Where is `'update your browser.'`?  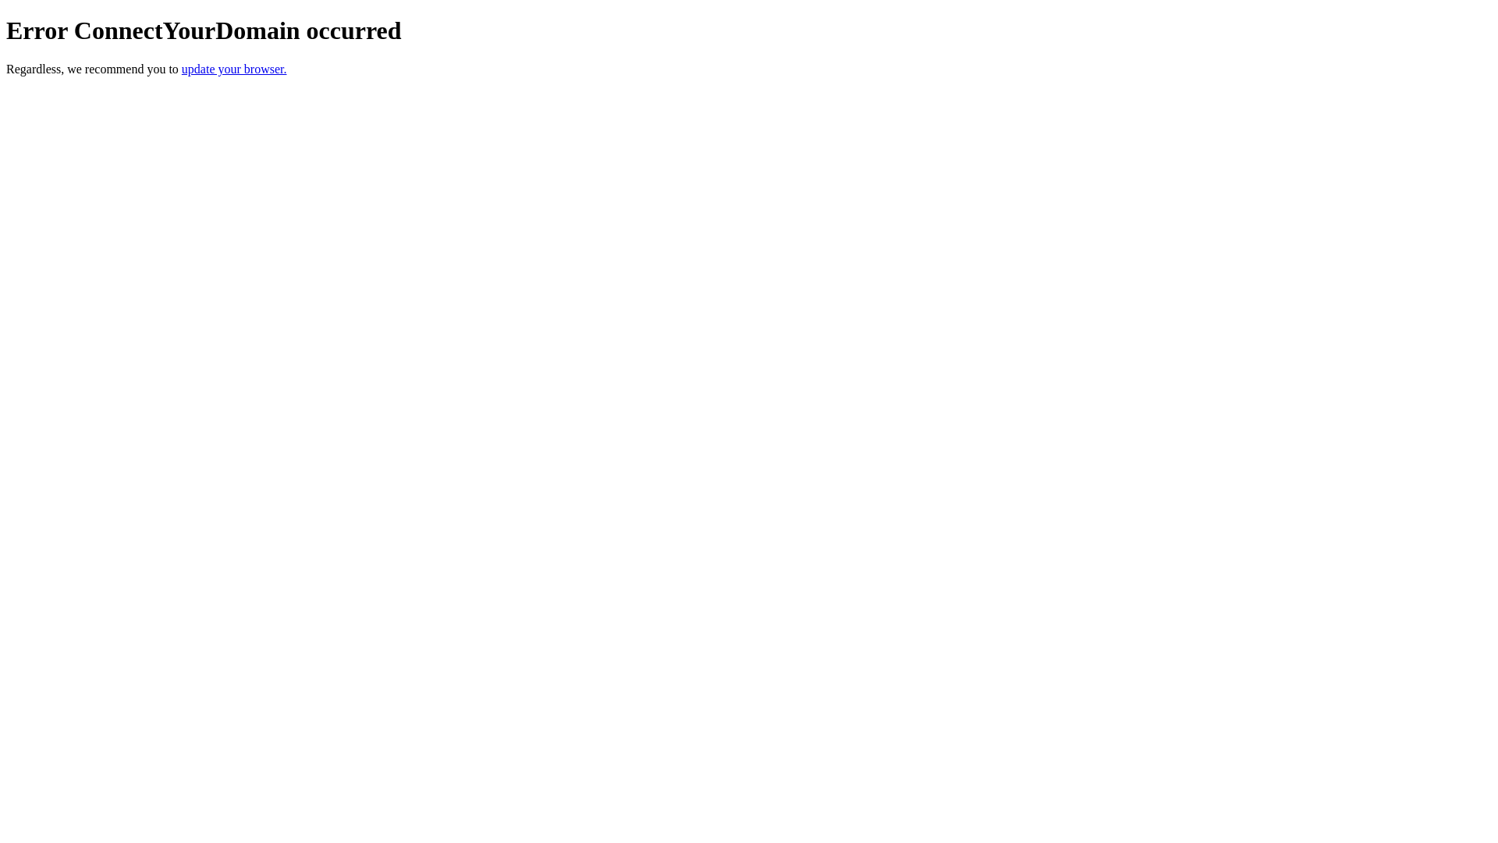
'update your browser.' is located at coordinates (182, 68).